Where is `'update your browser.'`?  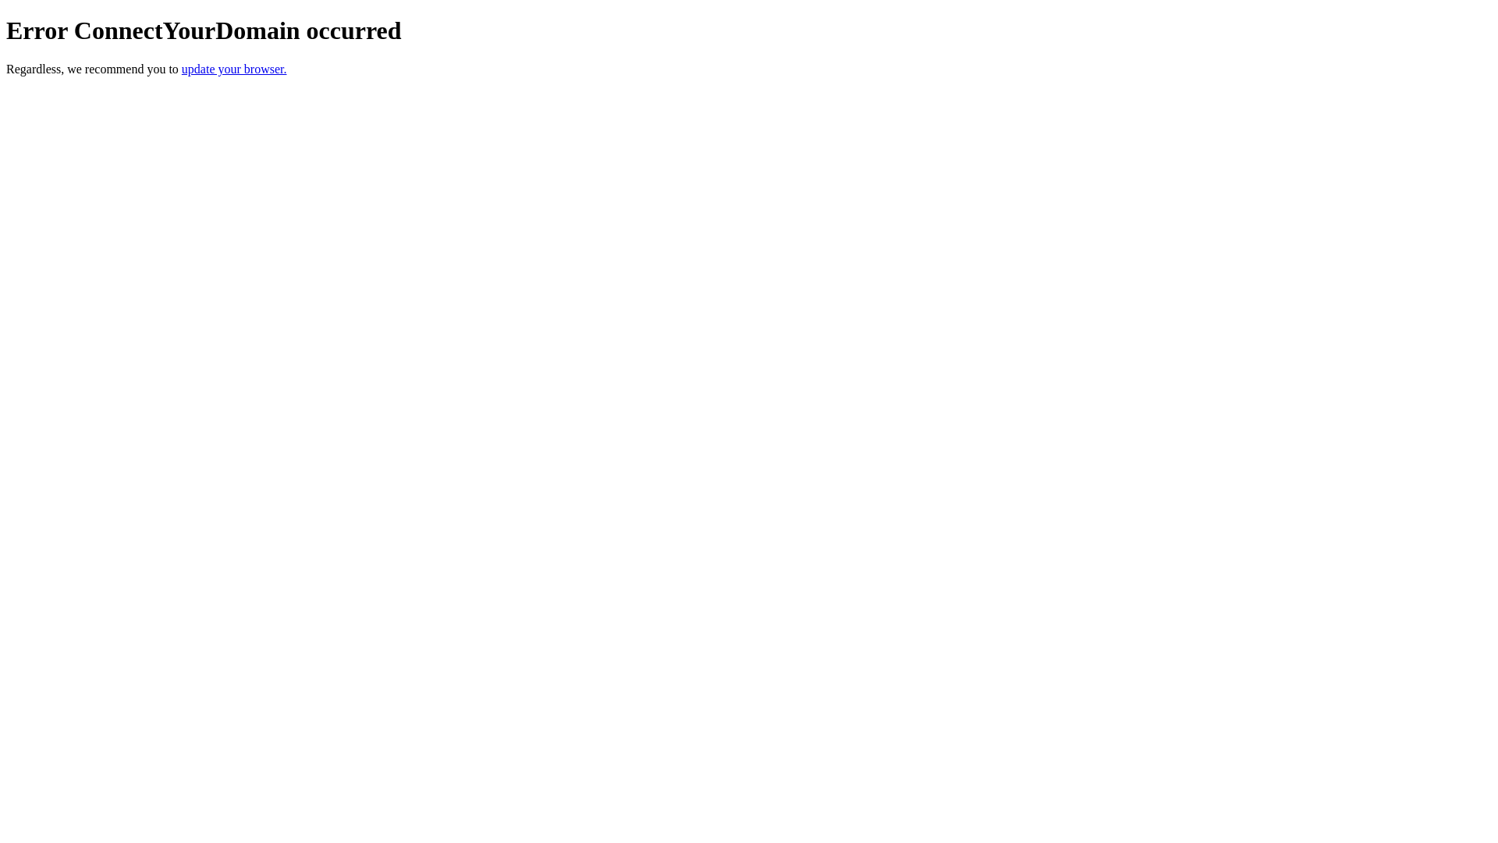
'update your browser.' is located at coordinates (182, 68).